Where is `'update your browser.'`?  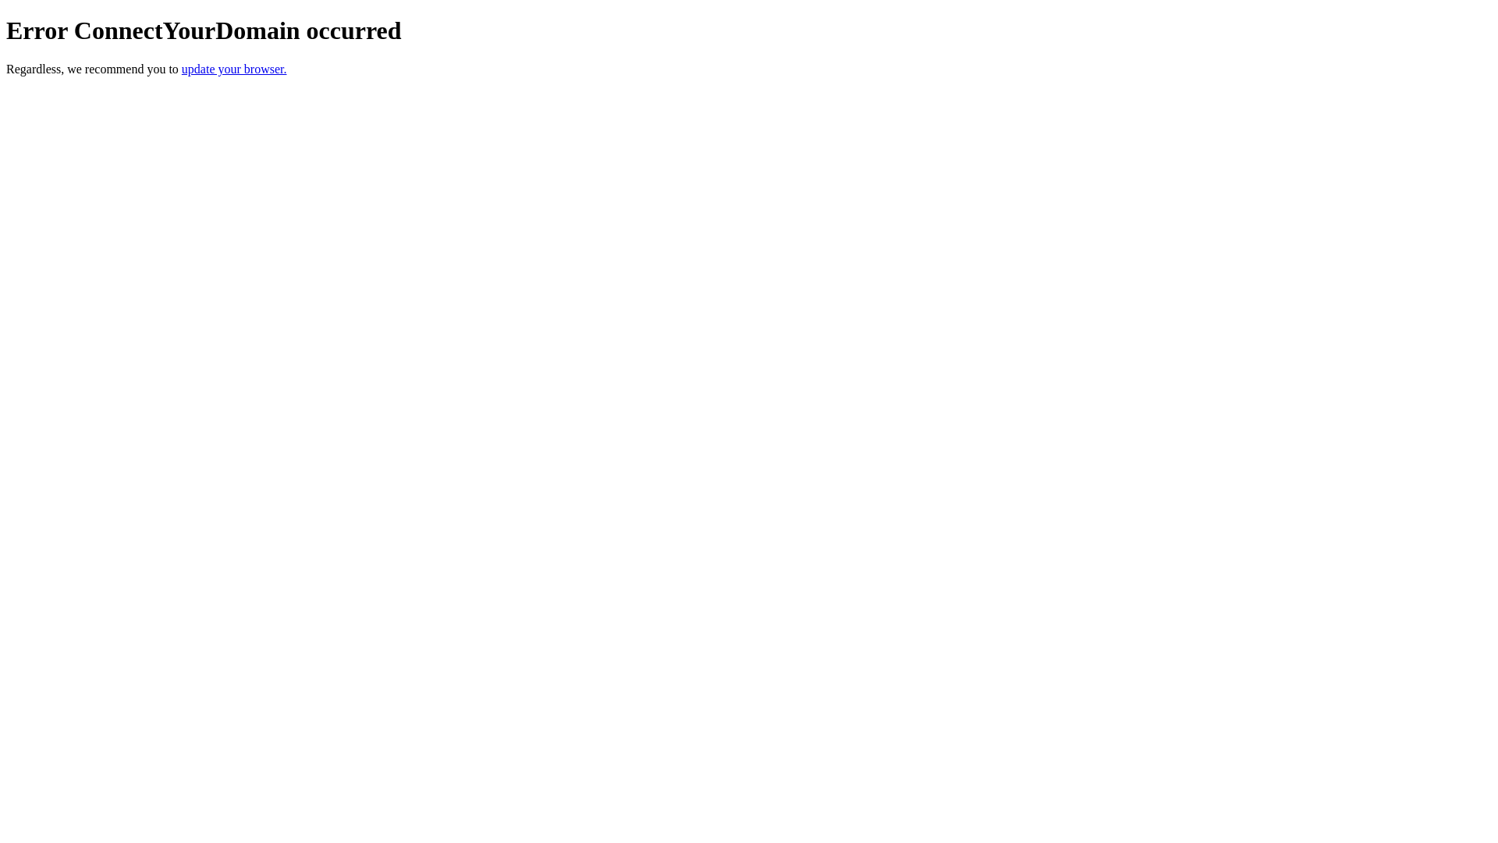
'update your browser.' is located at coordinates (182, 68).